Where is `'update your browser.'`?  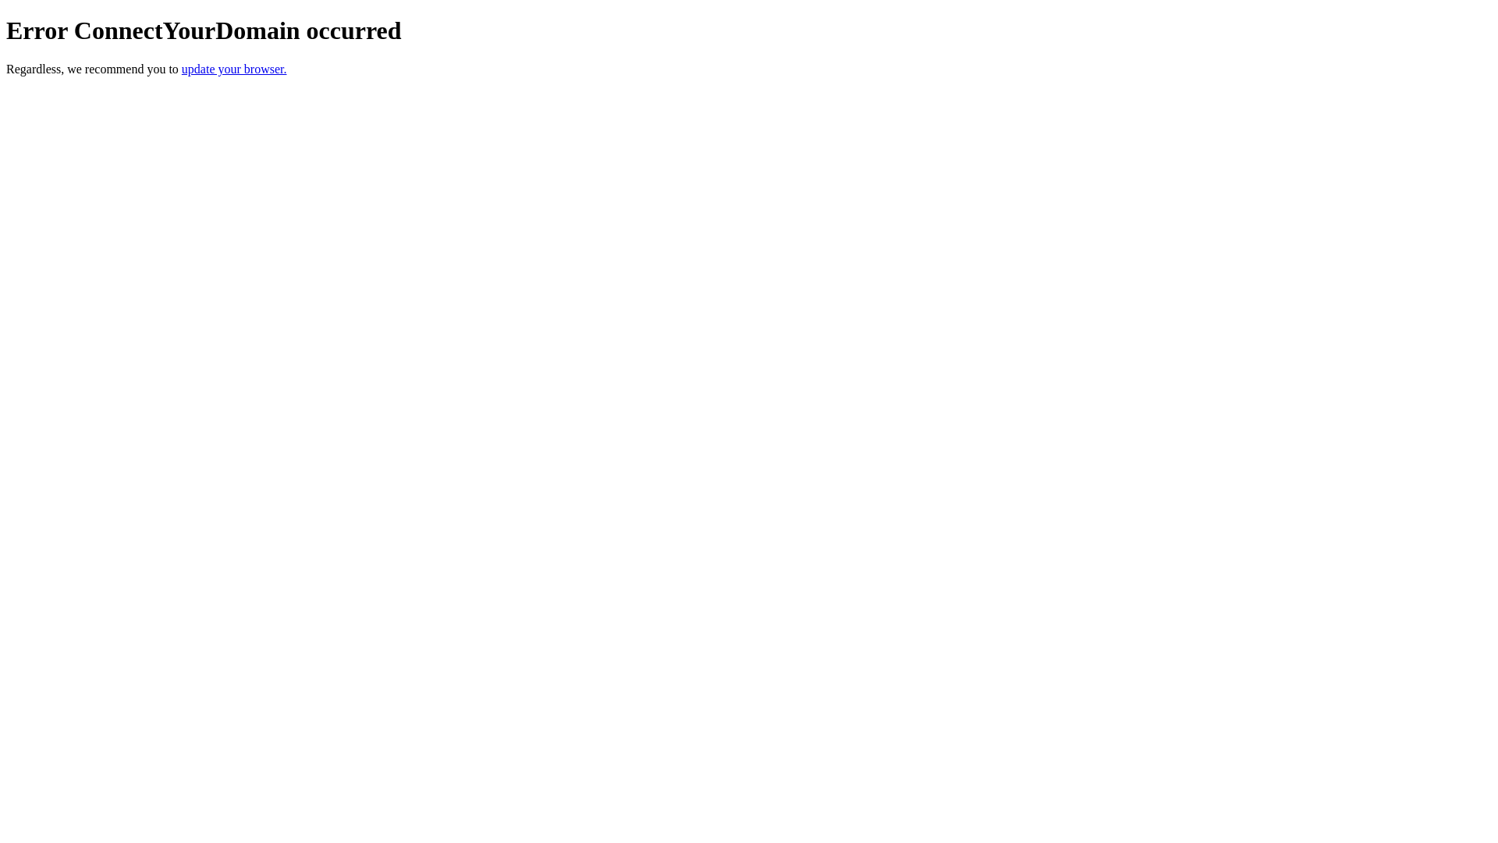
'update your browser.' is located at coordinates (182, 68).